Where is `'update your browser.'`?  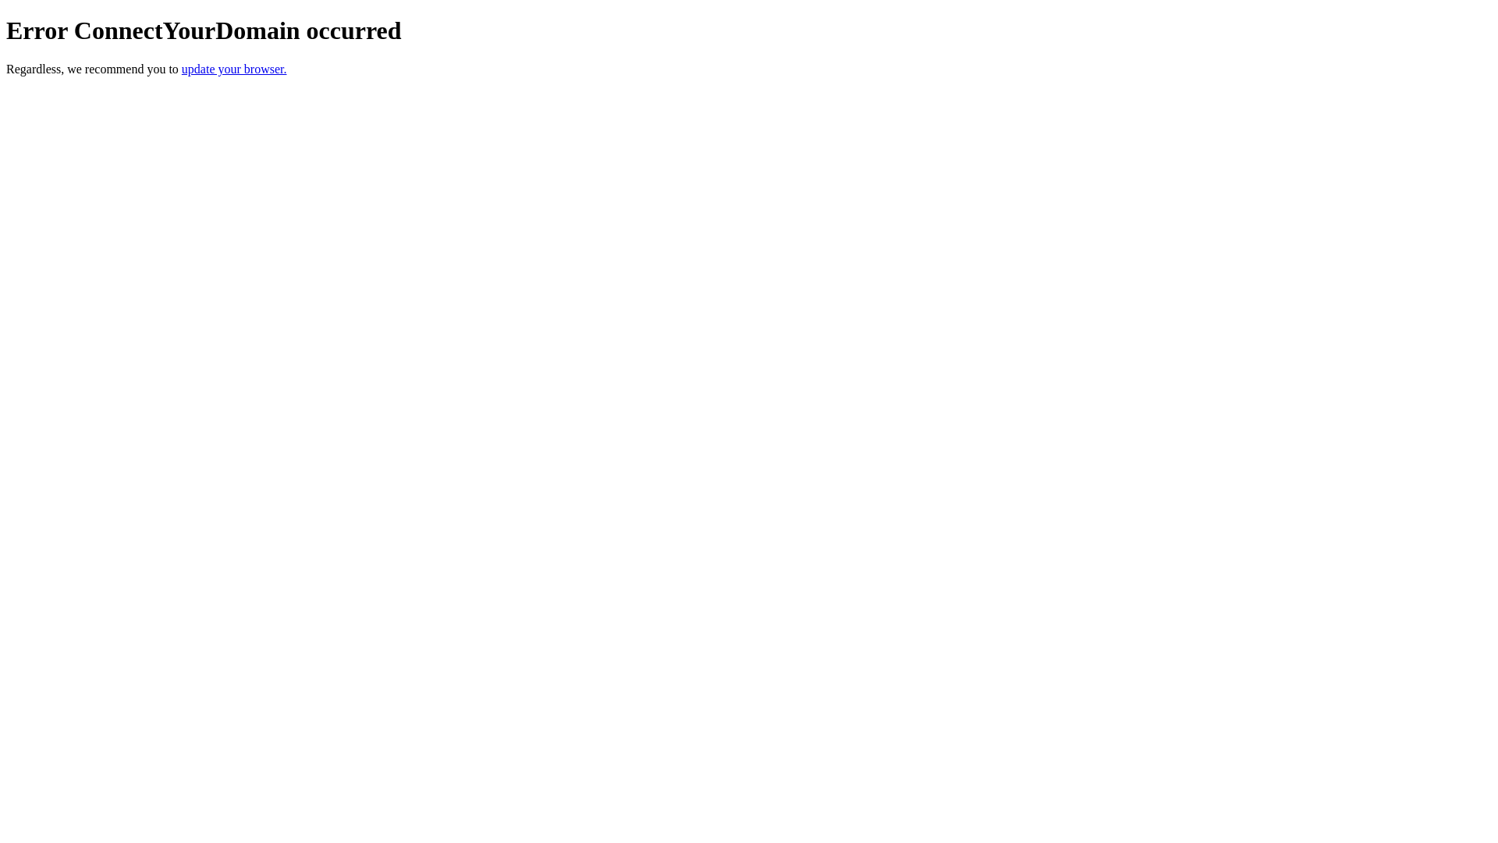
'update your browser.' is located at coordinates (182, 68).